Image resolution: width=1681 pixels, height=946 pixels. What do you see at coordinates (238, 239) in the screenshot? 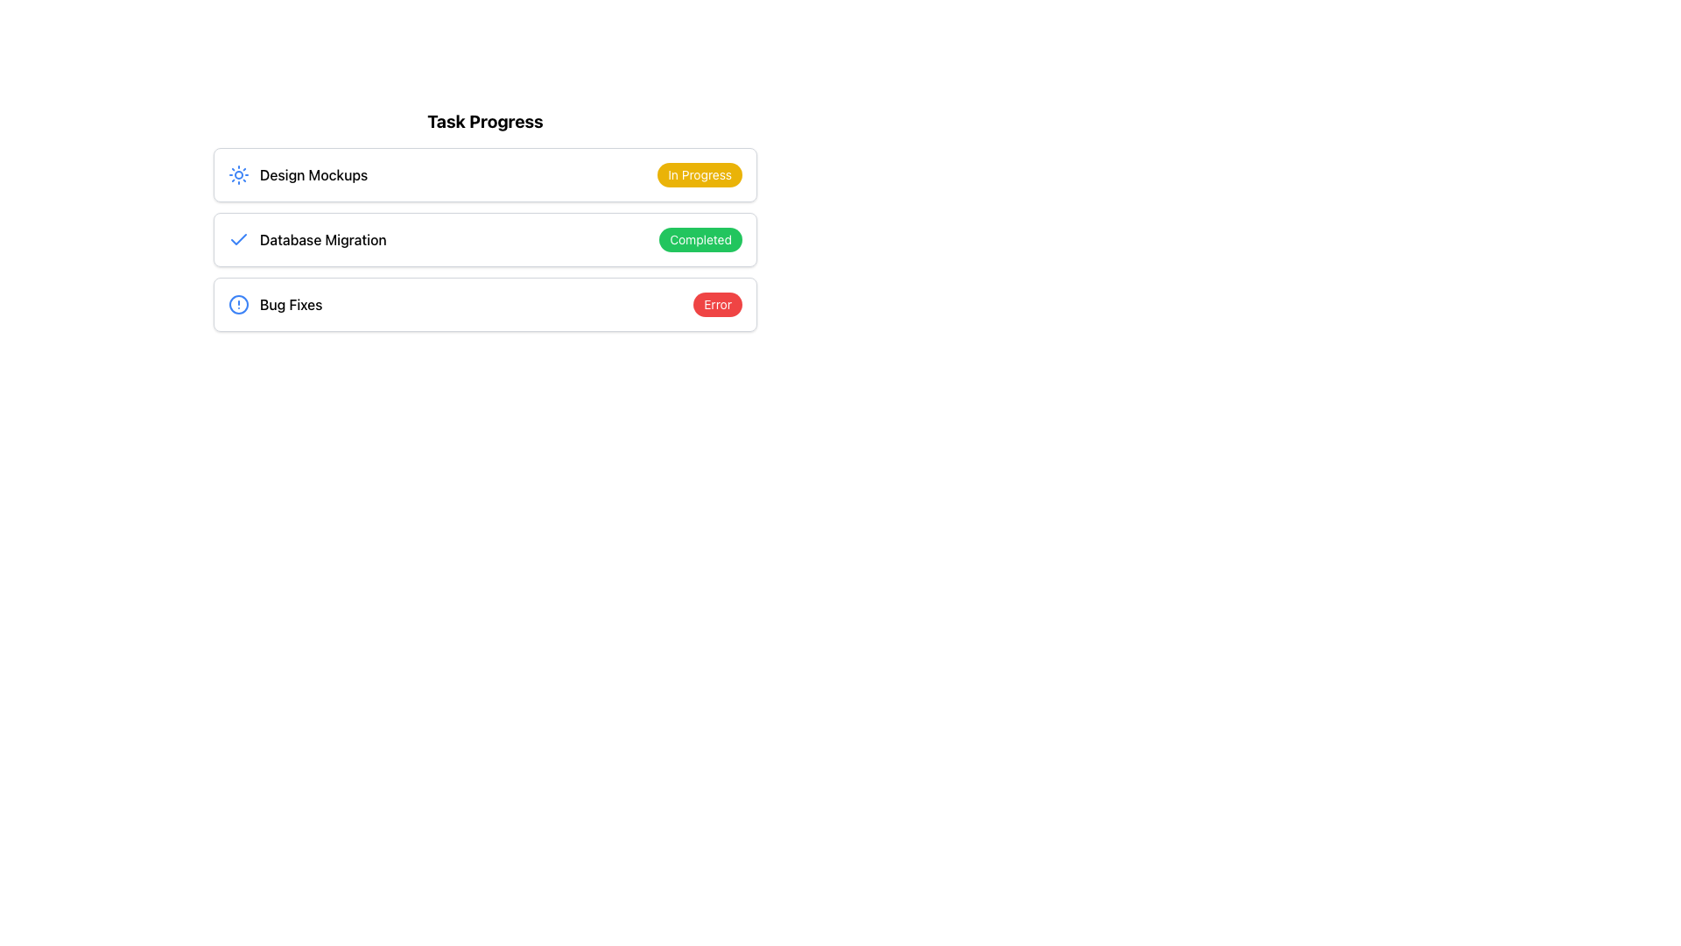
I see `the blue checkmark icon that is styled with a bold line and rounded edges, located to the left of the text 'Database Migration.'` at bounding box center [238, 239].